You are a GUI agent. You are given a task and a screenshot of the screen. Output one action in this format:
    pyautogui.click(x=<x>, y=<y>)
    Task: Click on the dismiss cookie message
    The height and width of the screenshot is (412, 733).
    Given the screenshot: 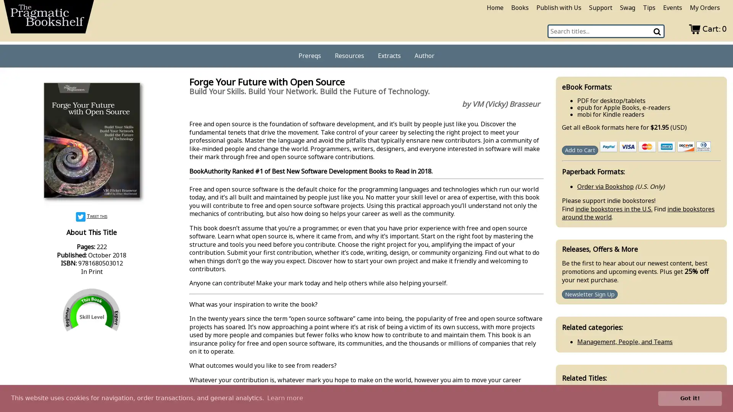 What is the action you would take?
    pyautogui.click(x=690, y=398)
    